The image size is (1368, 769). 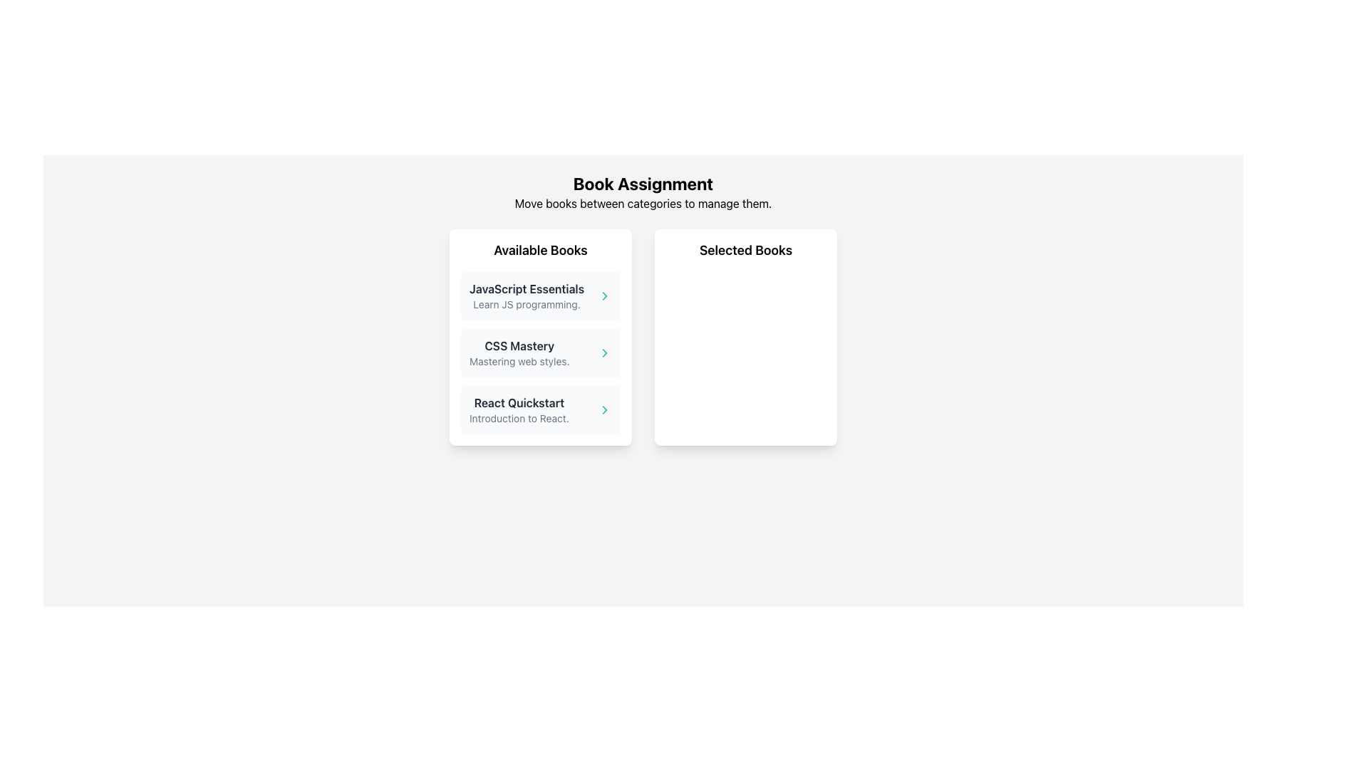 I want to click on the subtitle located directly below the 'CSS Mastery' heading in the 'Available Books' column, so click(x=519, y=361).